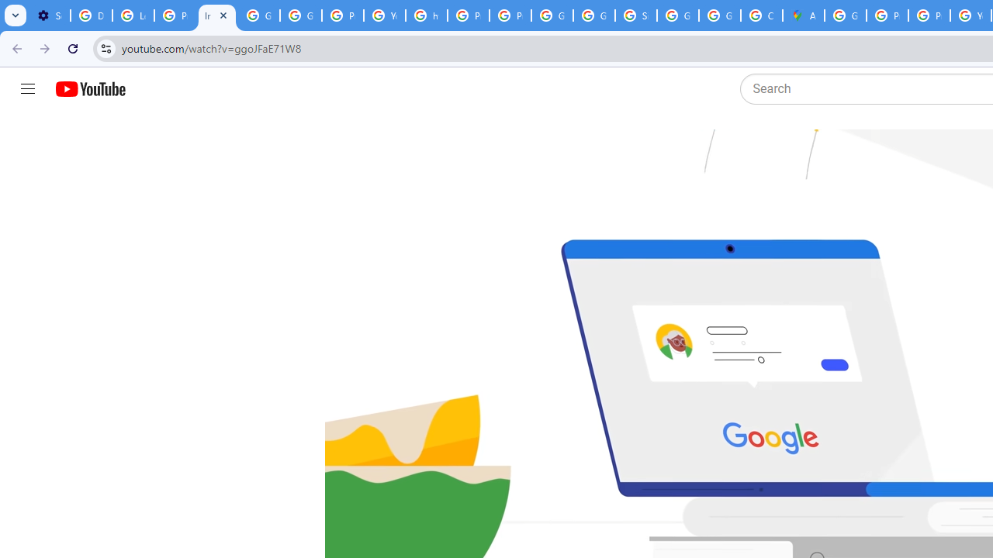 The width and height of the screenshot is (993, 558). Describe the element at coordinates (89, 89) in the screenshot. I see `'YouTube Home'` at that location.